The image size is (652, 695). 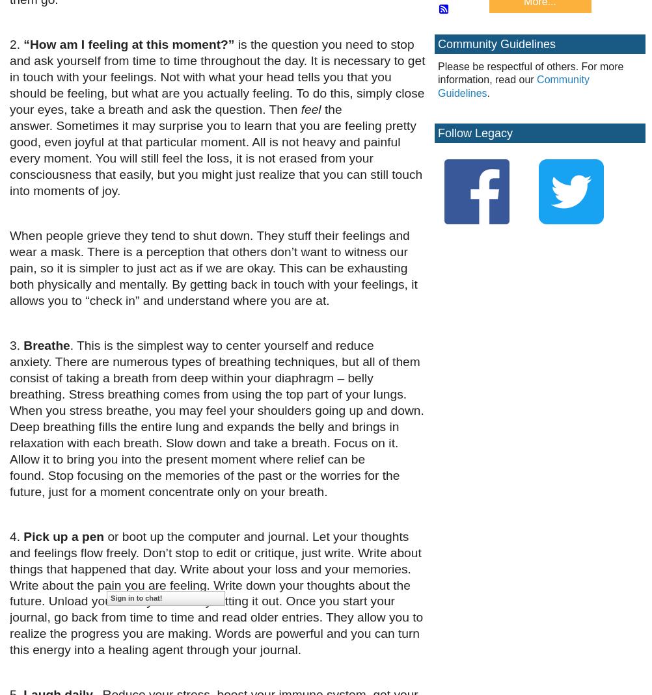 What do you see at coordinates (16, 44) in the screenshot?
I see `'2.'` at bounding box center [16, 44].